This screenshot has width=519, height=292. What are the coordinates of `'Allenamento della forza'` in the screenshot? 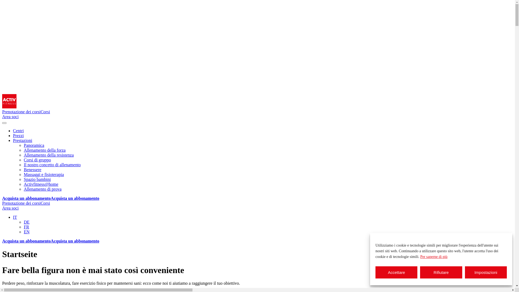 It's located at (45, 150).